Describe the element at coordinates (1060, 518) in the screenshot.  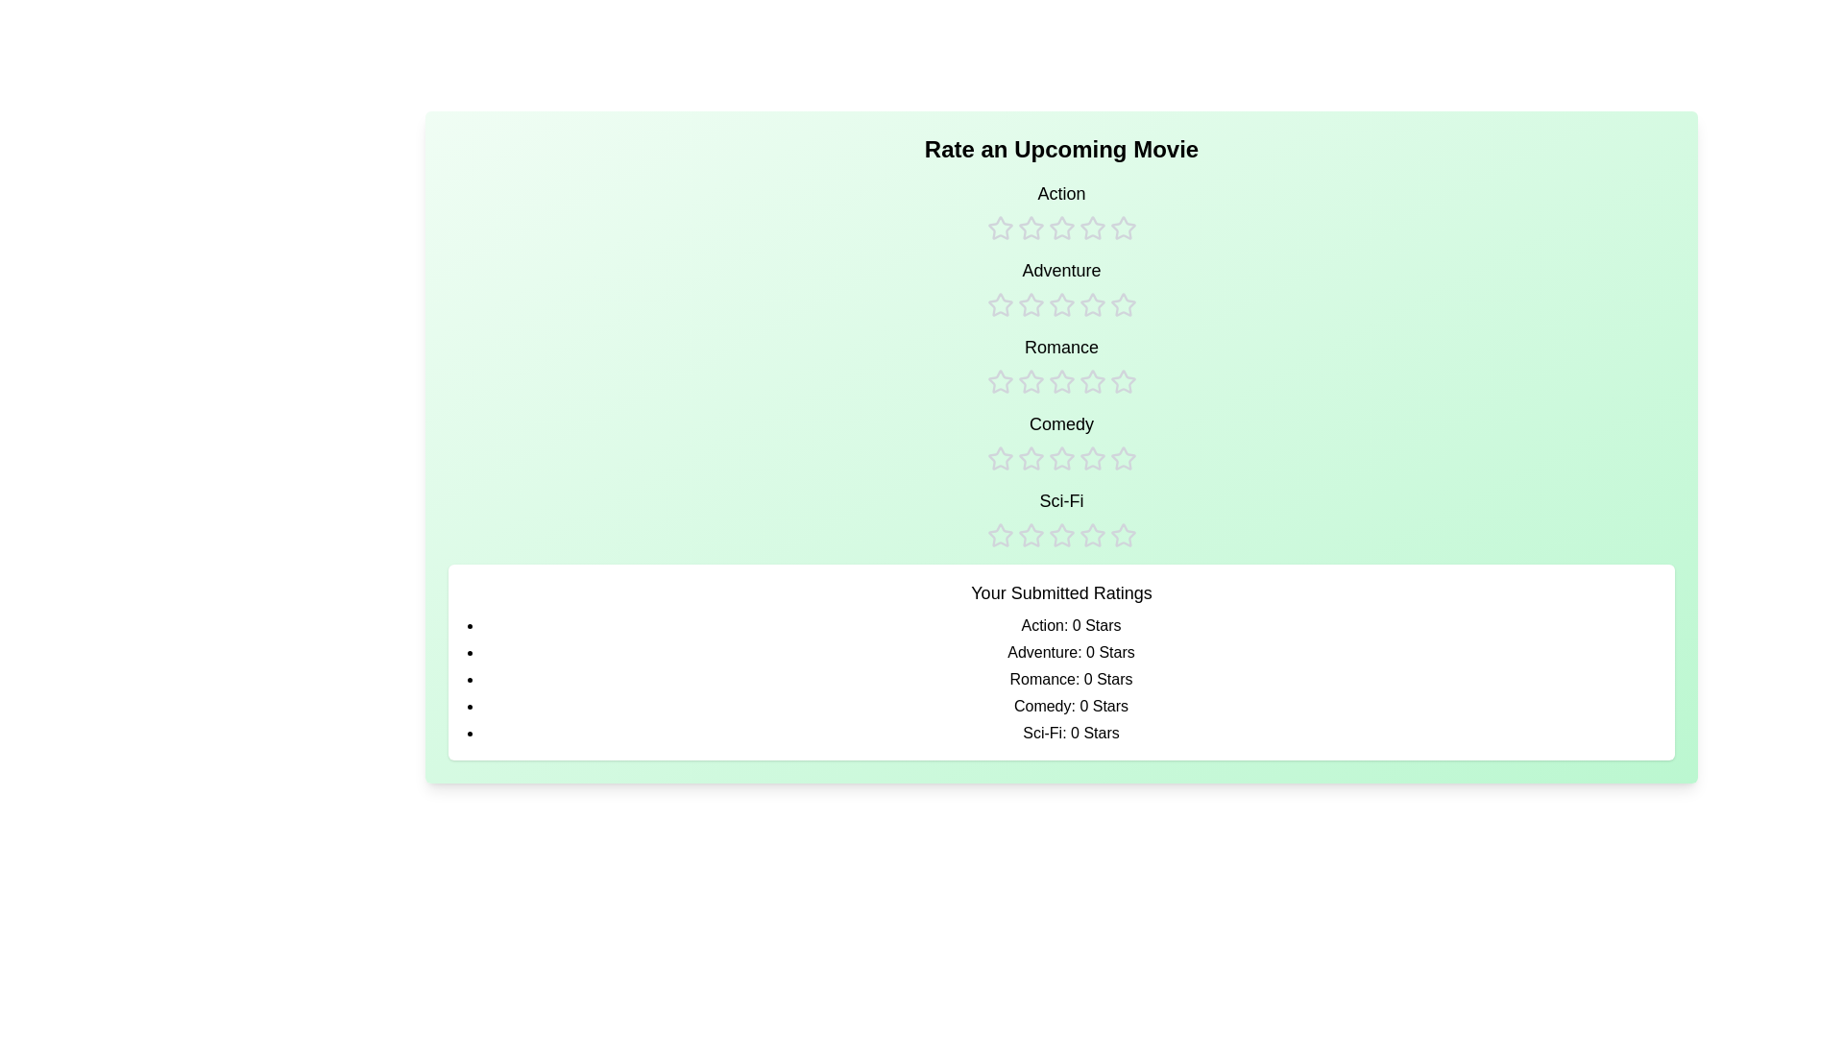
I see `the rating for the Sci-Fi category to 3 stars` at that location.